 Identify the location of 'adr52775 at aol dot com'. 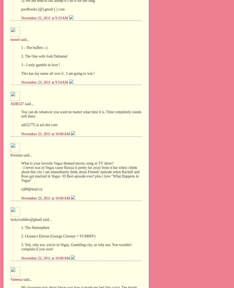
(39, 124).